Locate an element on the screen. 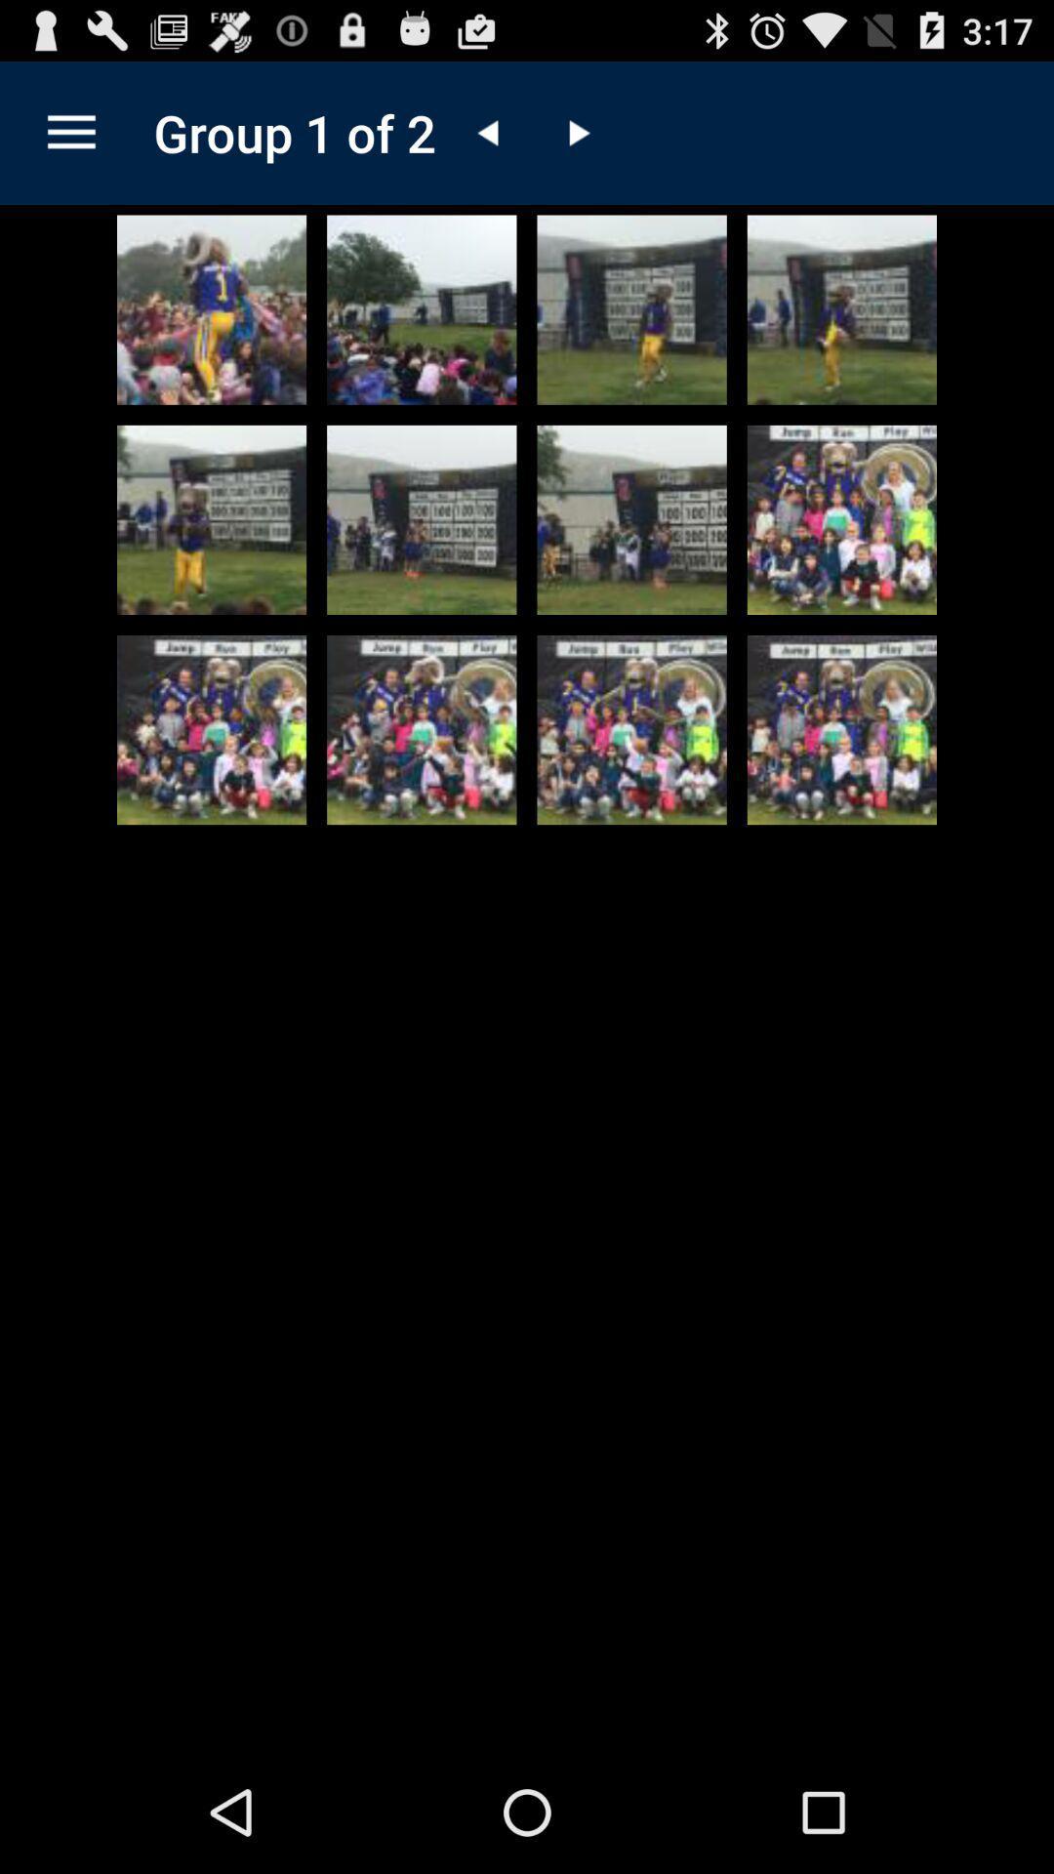 The width and height of the screenshot is (1054, 1874). photo is located at coordinates (212, 308).